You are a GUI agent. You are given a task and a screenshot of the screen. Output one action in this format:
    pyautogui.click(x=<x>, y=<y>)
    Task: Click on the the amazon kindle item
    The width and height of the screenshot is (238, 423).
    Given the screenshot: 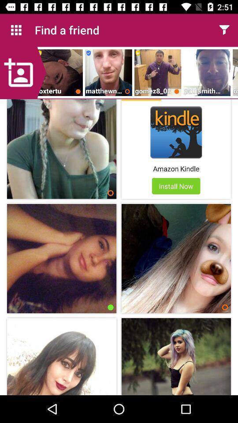 What is the action you would take?
    pyautogui.click(x=176, y=168)
    